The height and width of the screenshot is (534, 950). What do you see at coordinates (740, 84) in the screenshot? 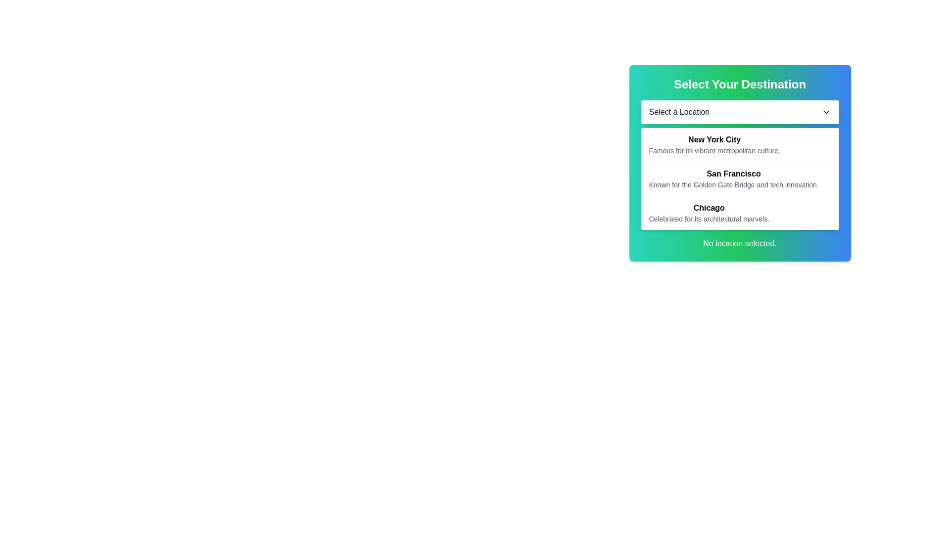
I see `the heading element that displays 'Select Your Destination' in large, bold, white font at the top of the card component` at bounding box center [740, 84].